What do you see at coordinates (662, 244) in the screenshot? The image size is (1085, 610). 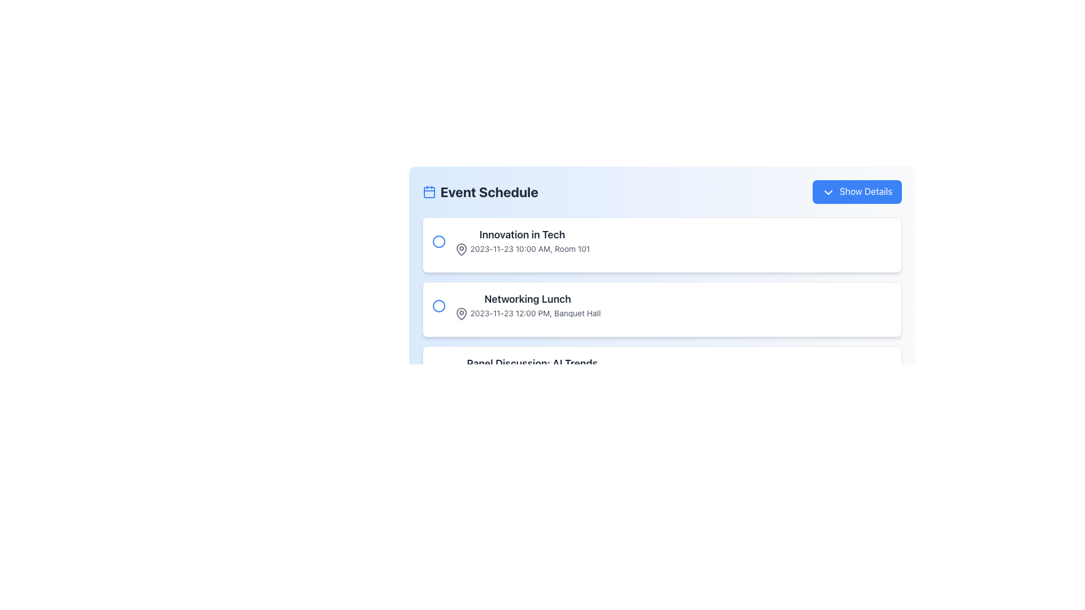 I see `the Informative Card at the top of the Event Schedule section` at bounding box center [662, 244].